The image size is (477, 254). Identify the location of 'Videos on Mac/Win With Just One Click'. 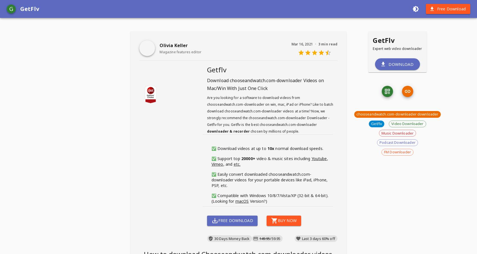
(265, 84).